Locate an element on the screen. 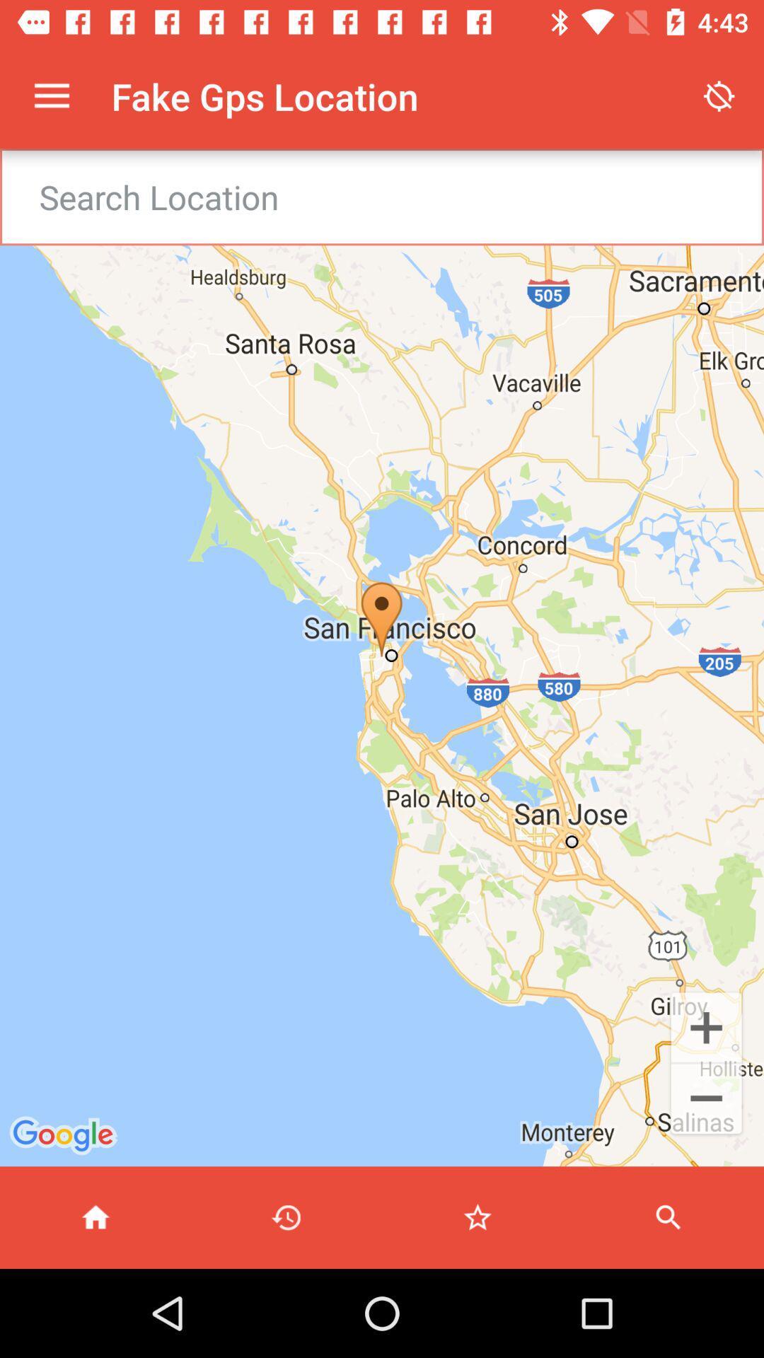 Image resolution: width=764 pixels, height=1358 pixels. the add icon is located at coordinates (706, 1026).